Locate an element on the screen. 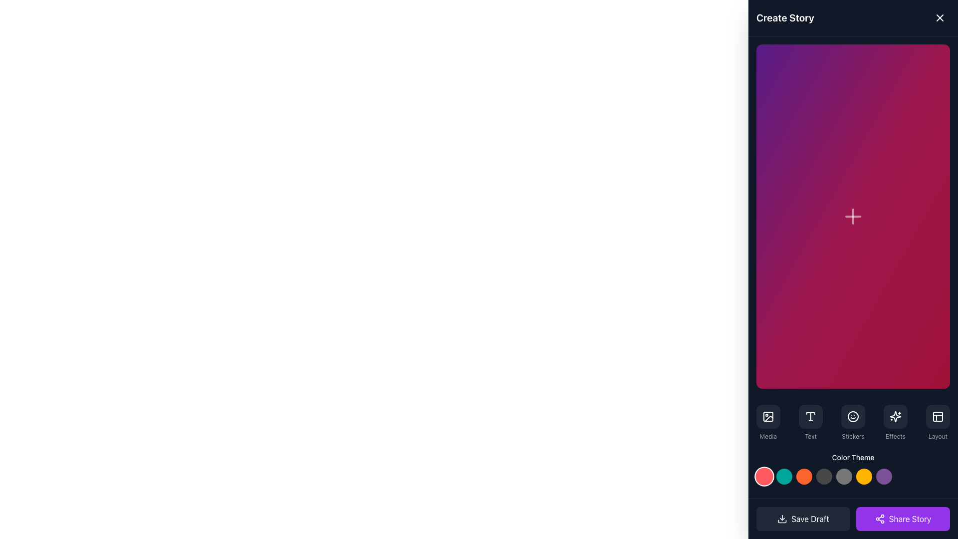  the 'Save Draft' button, which is a rectangular button with a dark gray background and a downward arrow icon, located at the bottom left of the modal interface is located at coordinates (803, 519).